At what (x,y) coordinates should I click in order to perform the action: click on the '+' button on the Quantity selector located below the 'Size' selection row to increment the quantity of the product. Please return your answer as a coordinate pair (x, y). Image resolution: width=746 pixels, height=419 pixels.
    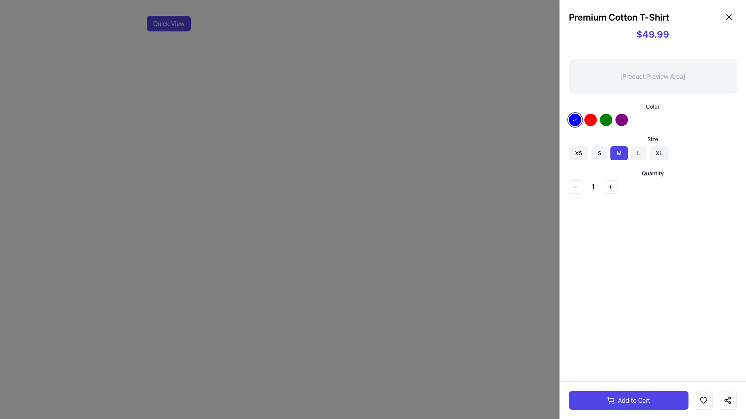
    Looking at the image, I should click on (653, 181).